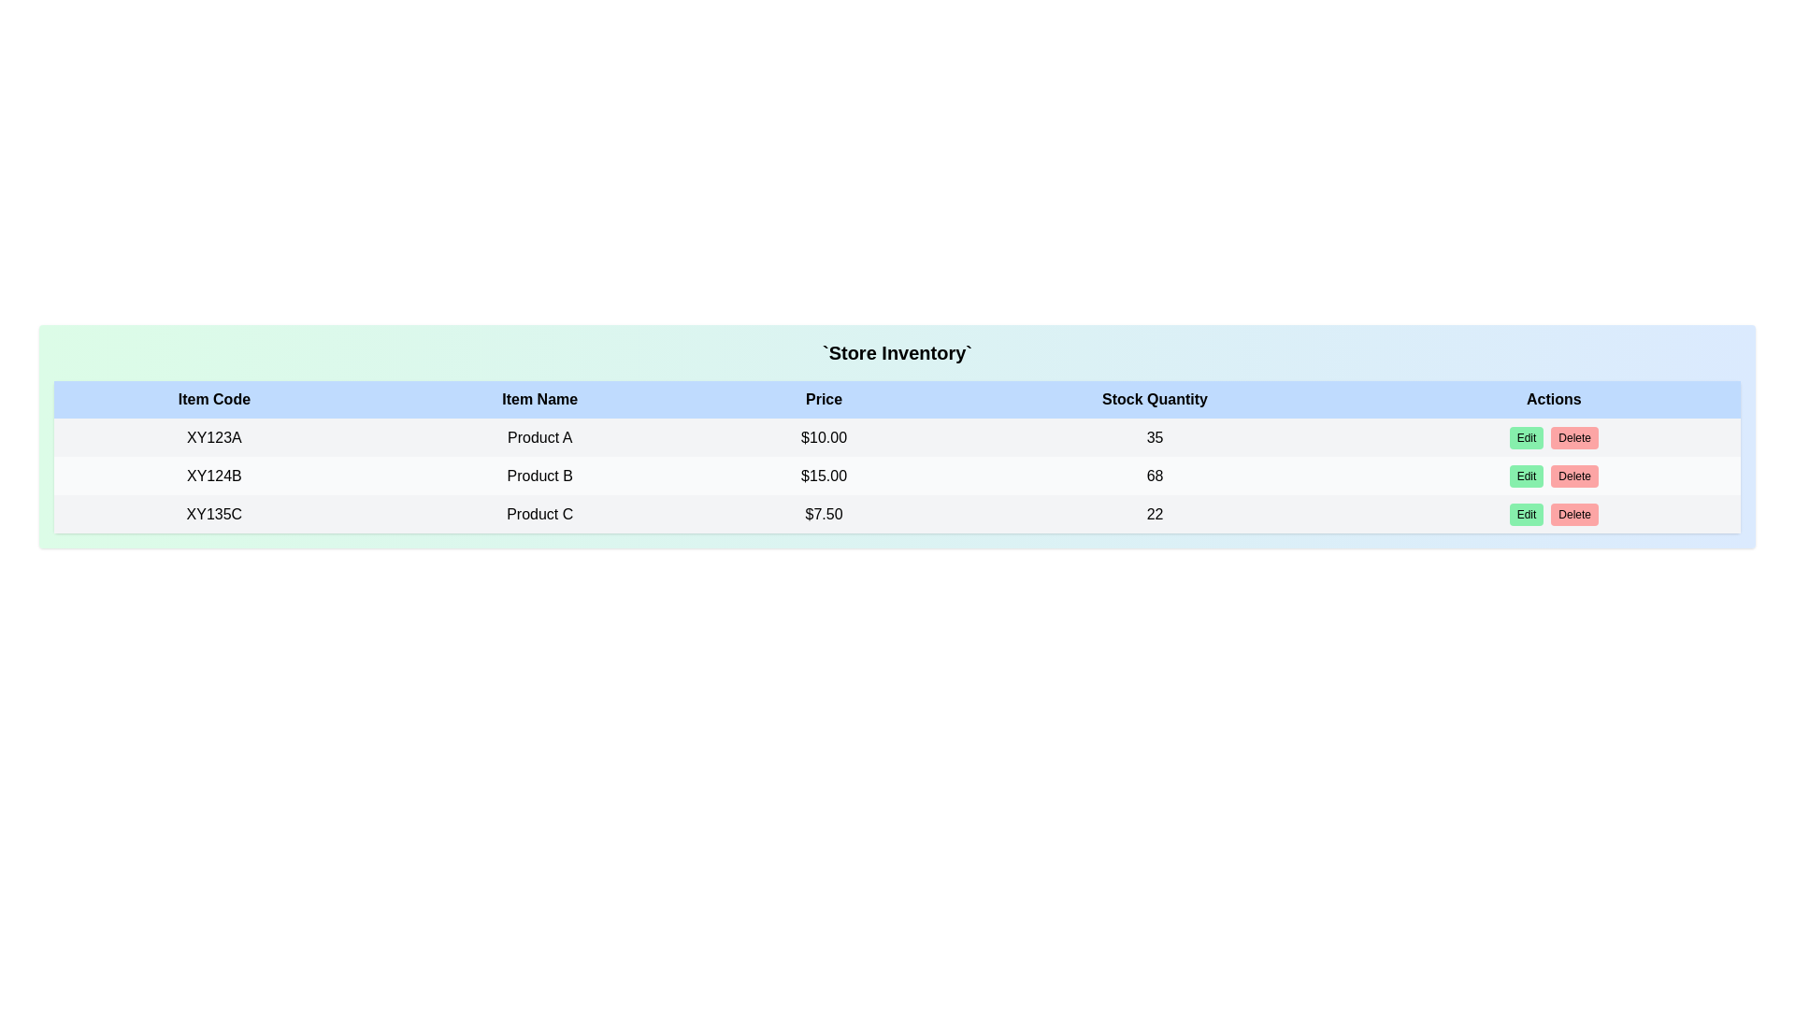 Image resolution: width=1795 pixels, height=1009 pixels. Describe the element at coordinates (1554, 514) in the screenshot. I see `the 'Edit' button, which is styled with a green background and located in the final column of the row for 'XY135C' in the 'Store Inventory' table` at that location.